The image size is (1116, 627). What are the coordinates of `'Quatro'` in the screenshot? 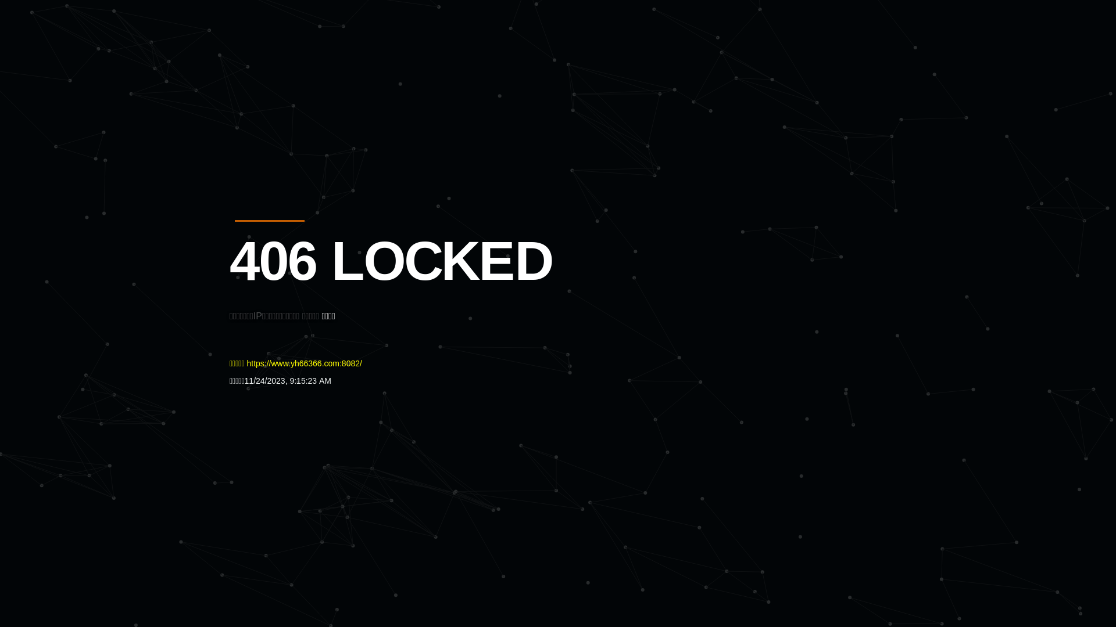 It's located at (315, 66).